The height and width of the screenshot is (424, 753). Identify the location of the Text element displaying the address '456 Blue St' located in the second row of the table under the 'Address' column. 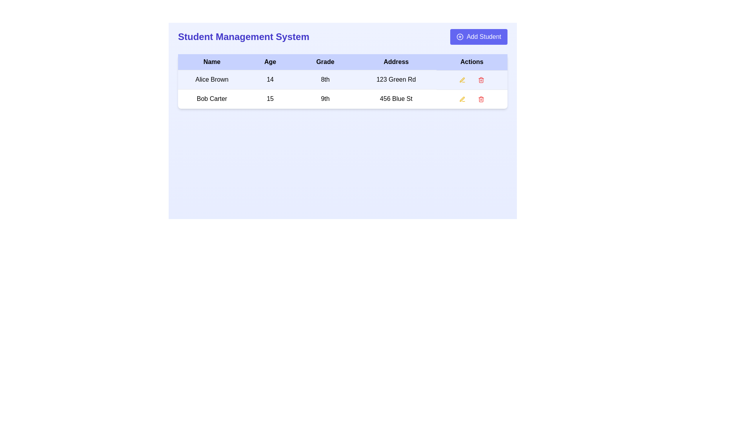
(396, 98).